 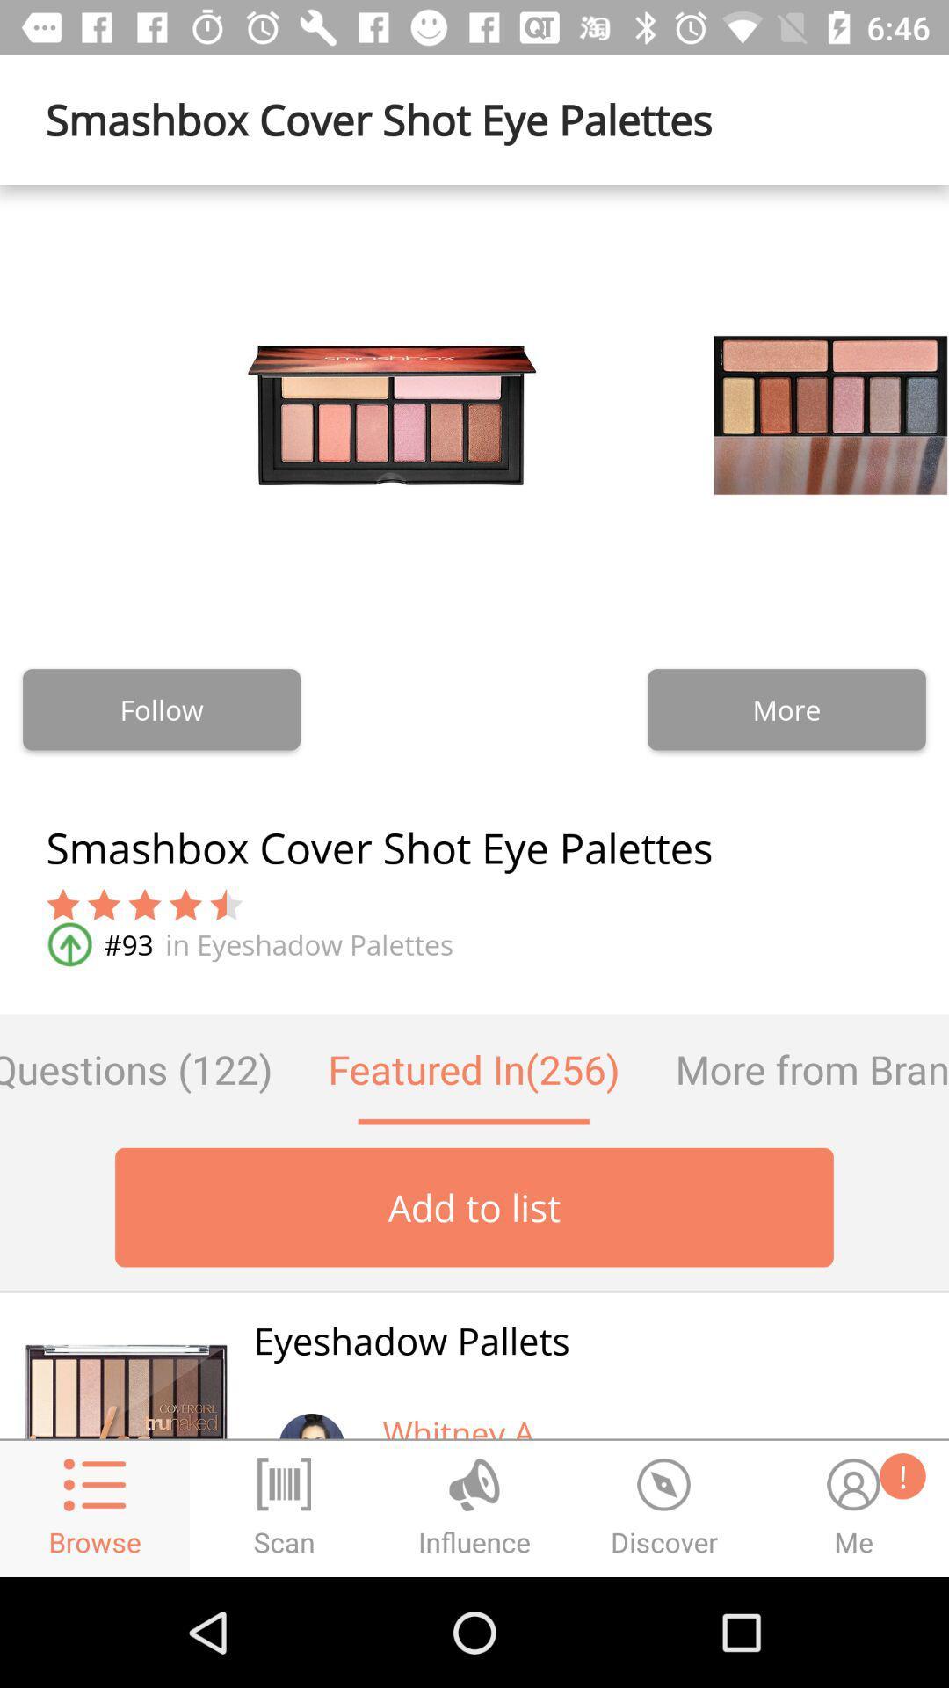 What do you see at coordinates (162, 709) in the screenshot?
I see `the follow` at bounding box center [162, 709].